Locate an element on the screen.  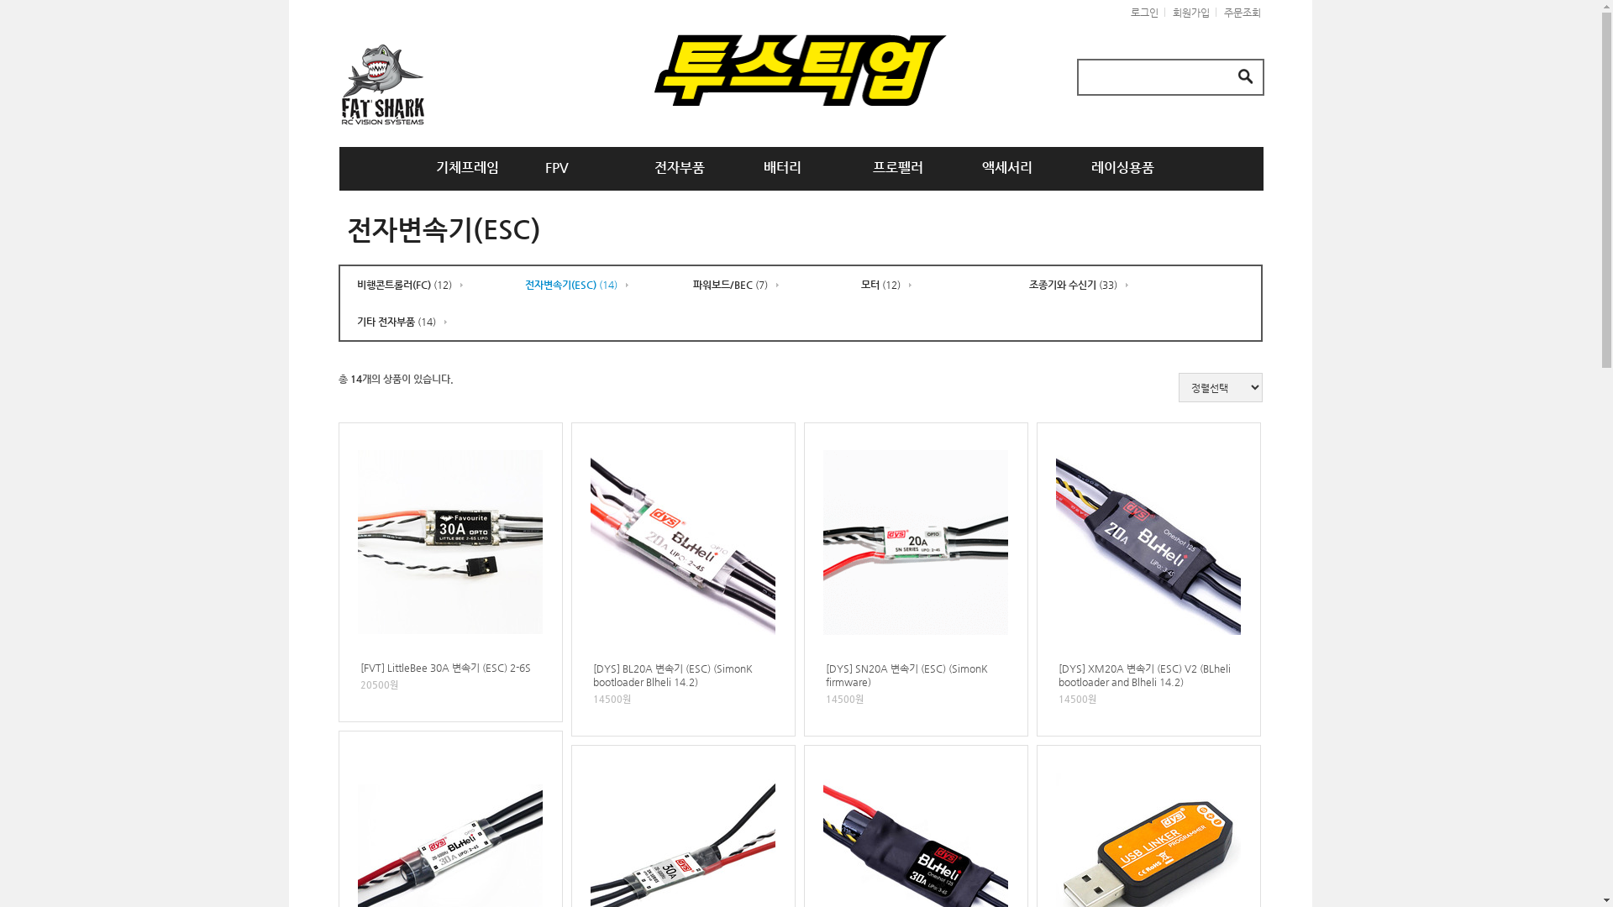
'FPV' is located at coordinates (550, 167).